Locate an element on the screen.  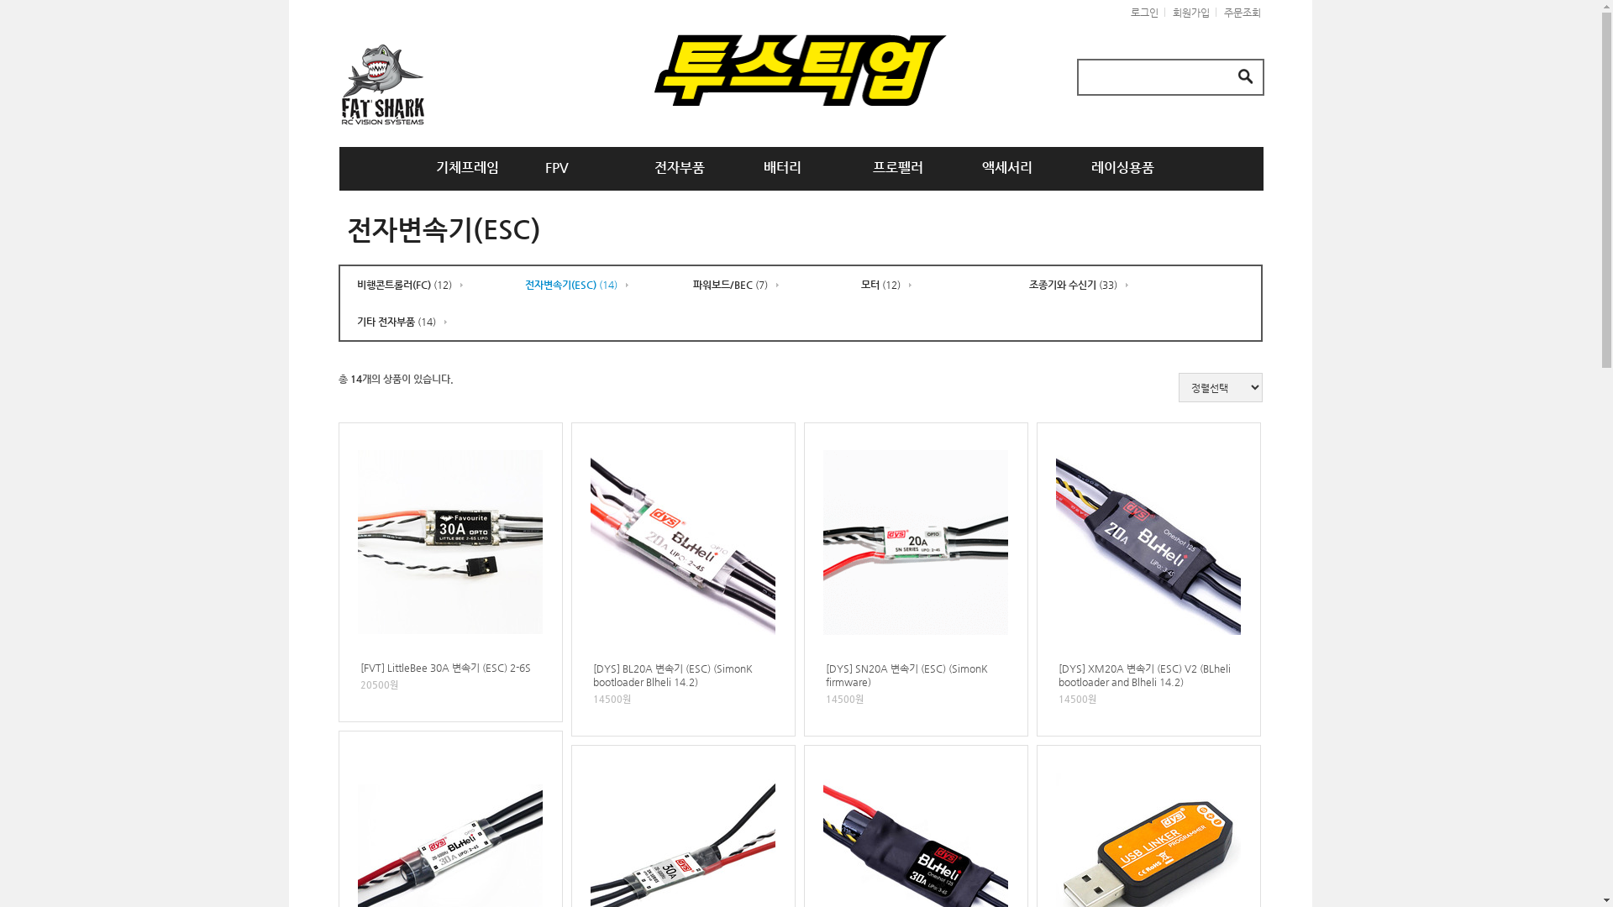
'FPV' is located at coordinates (550, 167).